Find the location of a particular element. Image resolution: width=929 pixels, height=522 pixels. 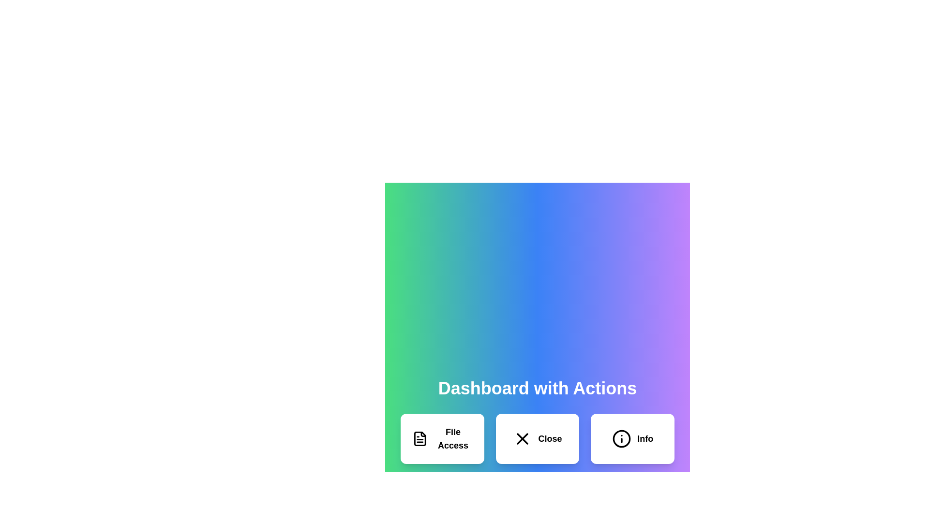

the static text label that serves as a title or heading for the dashboard, located at the top center of the card-like section above the interactive buttons is located at coordinates (537, 388).